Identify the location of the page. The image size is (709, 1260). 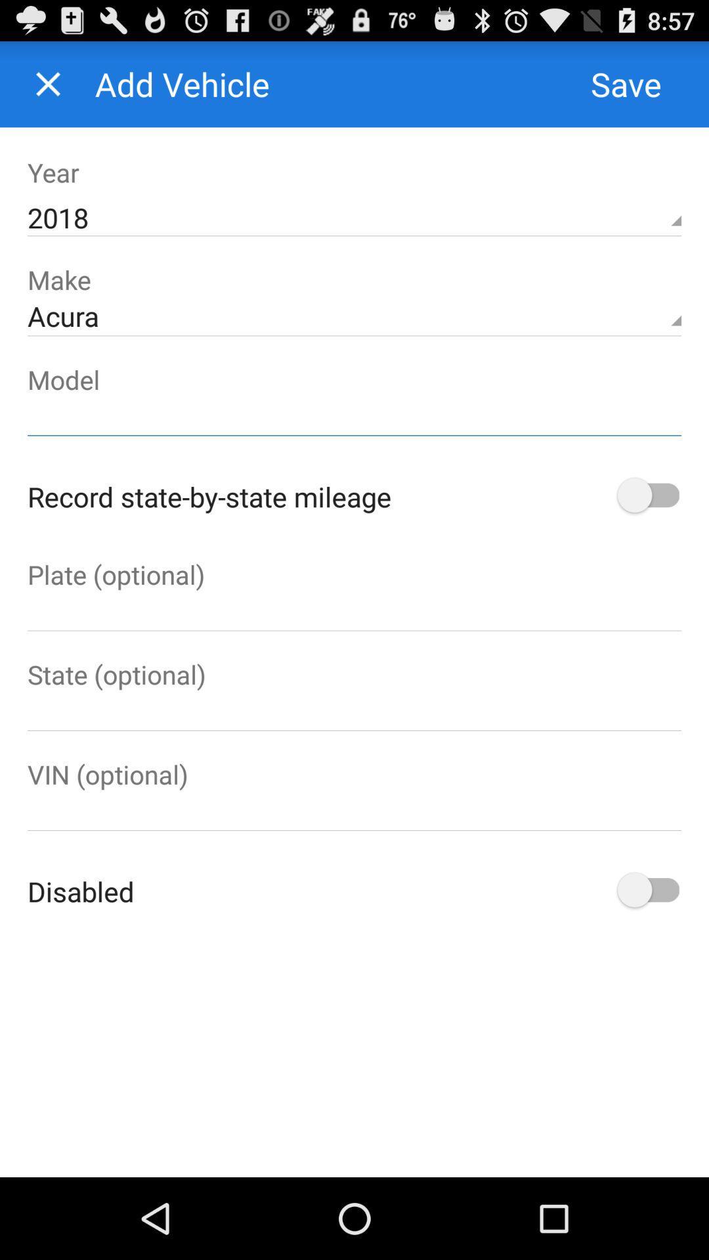
(47, 83).